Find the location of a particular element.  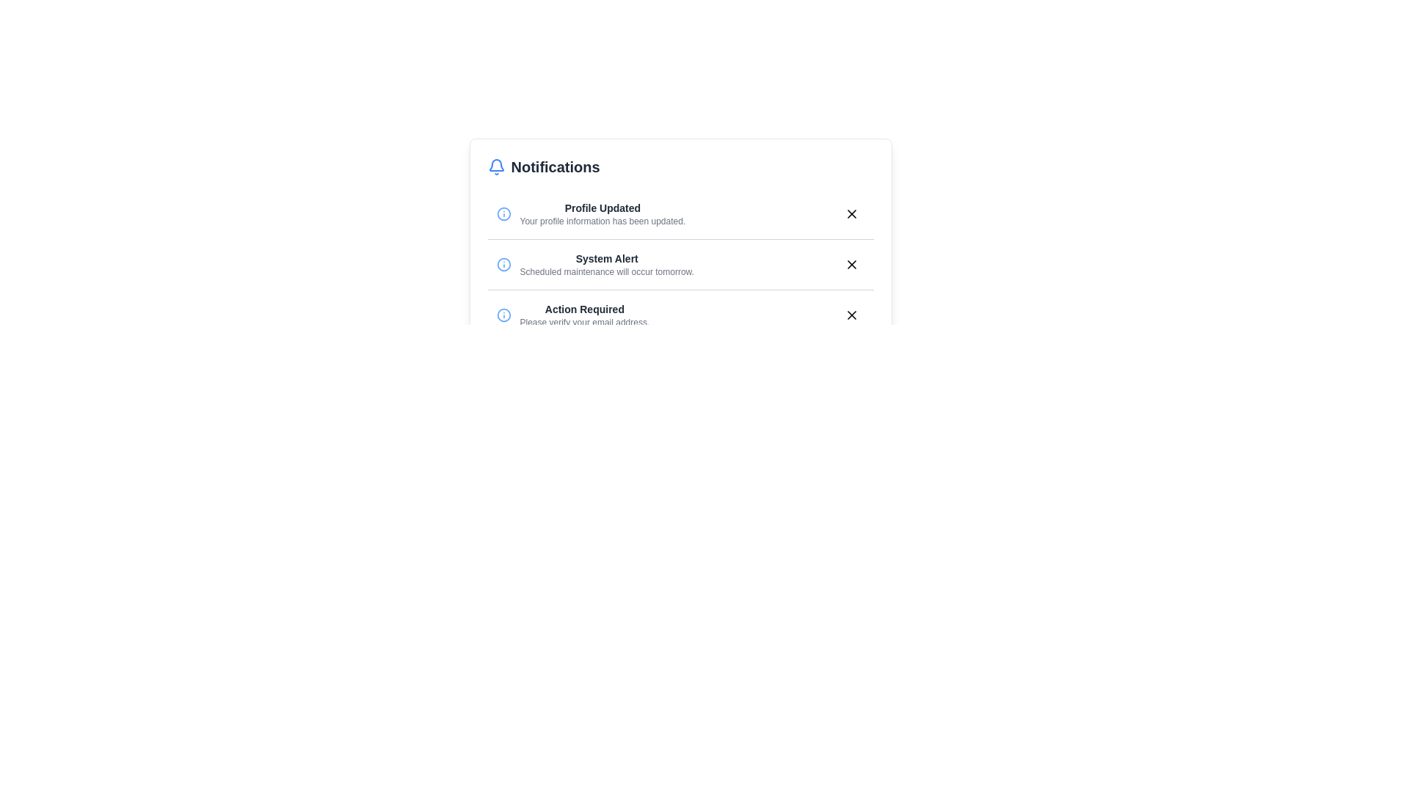

the middle notification entry in the Notification Panel that informs the user of a 'System Alert' regarding scheduled maintenance is located at coordinates (680, 265).